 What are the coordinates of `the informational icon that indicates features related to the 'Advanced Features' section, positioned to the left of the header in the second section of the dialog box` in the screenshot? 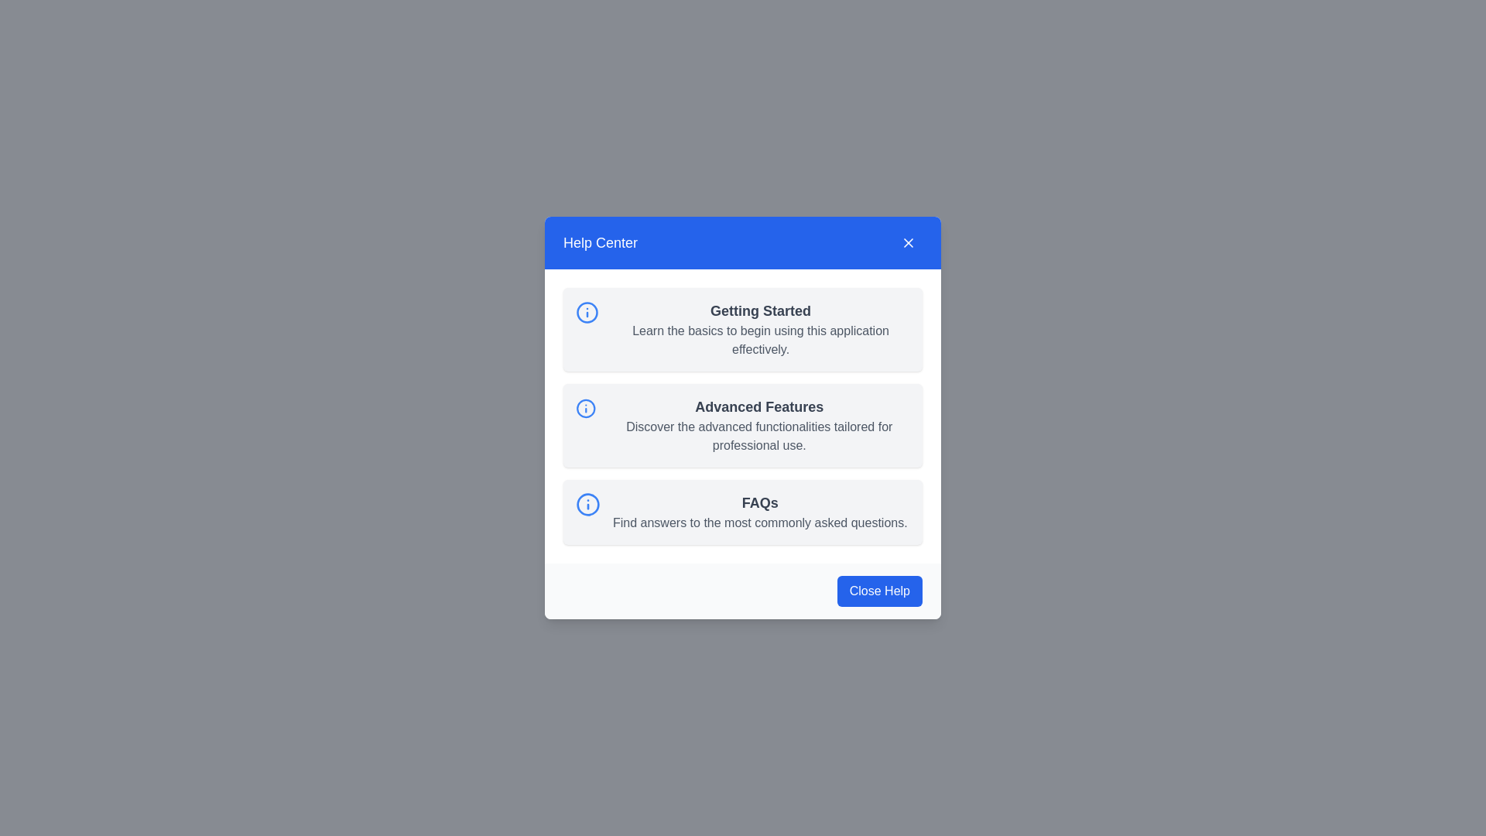 It's located at (585, 408).